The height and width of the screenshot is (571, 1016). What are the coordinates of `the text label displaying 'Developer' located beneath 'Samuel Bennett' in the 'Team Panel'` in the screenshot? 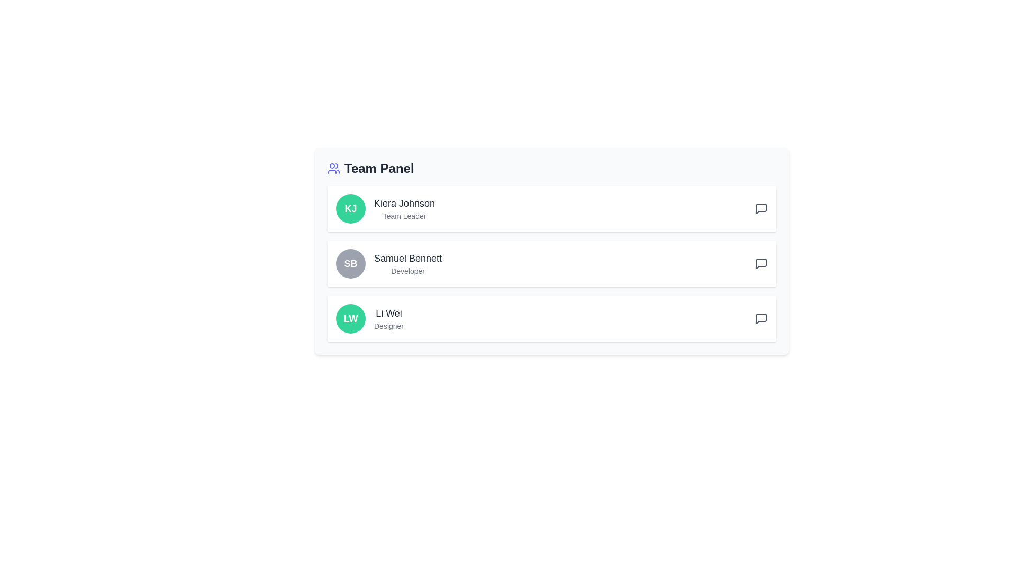 It's located at (407, 271).